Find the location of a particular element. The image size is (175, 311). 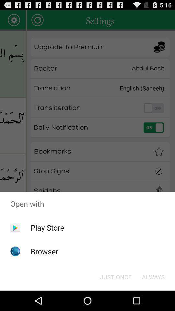

the icon below play store app is located at coordinates (44, 251).